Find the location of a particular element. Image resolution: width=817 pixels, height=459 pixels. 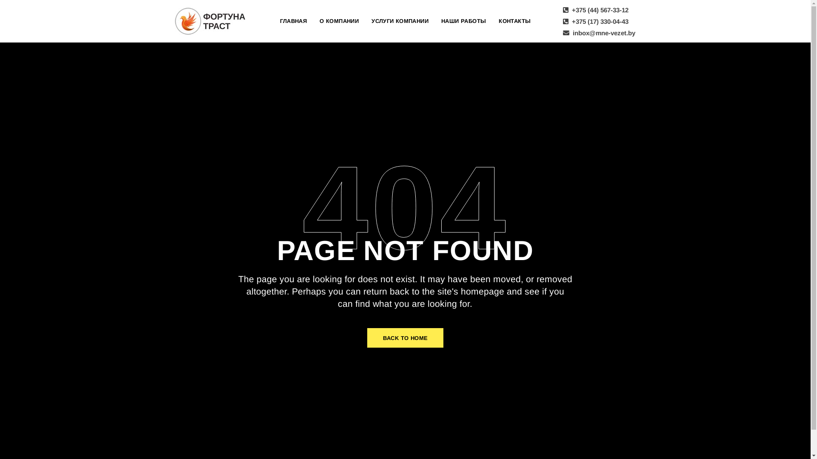

'BACK TO HOME is located at coordinates (405, 337).